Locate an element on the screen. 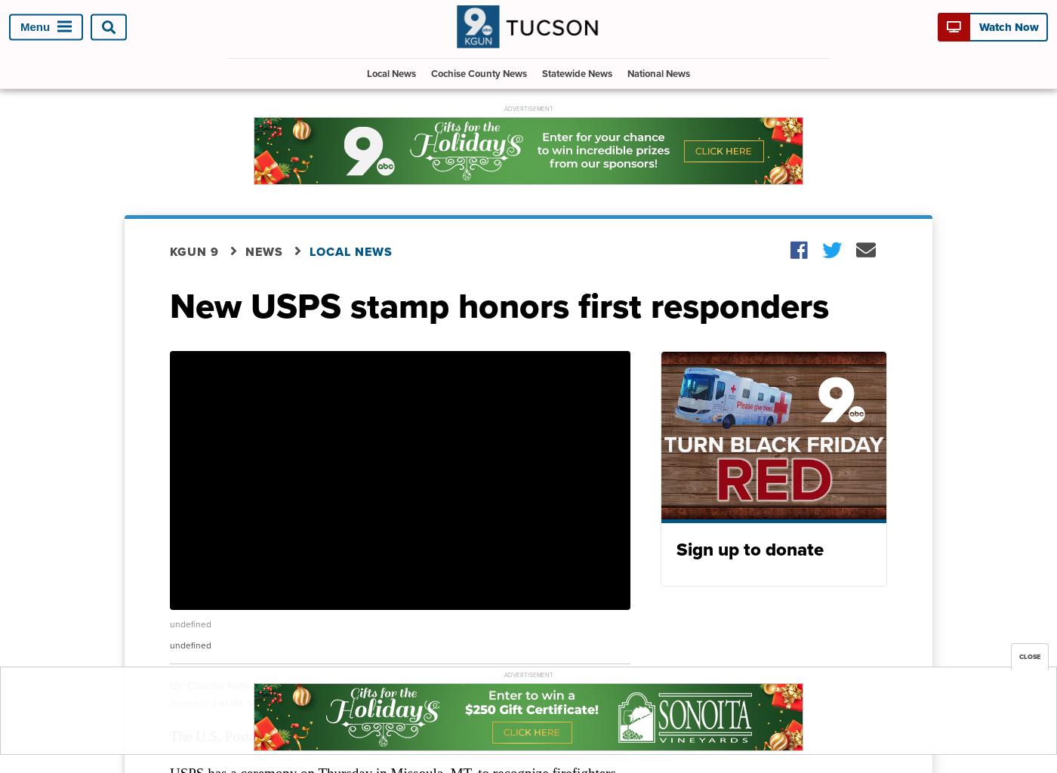 This screenshot has height=773, width=1057. 'Sign up to donate' is located at coordinates (750, 548).